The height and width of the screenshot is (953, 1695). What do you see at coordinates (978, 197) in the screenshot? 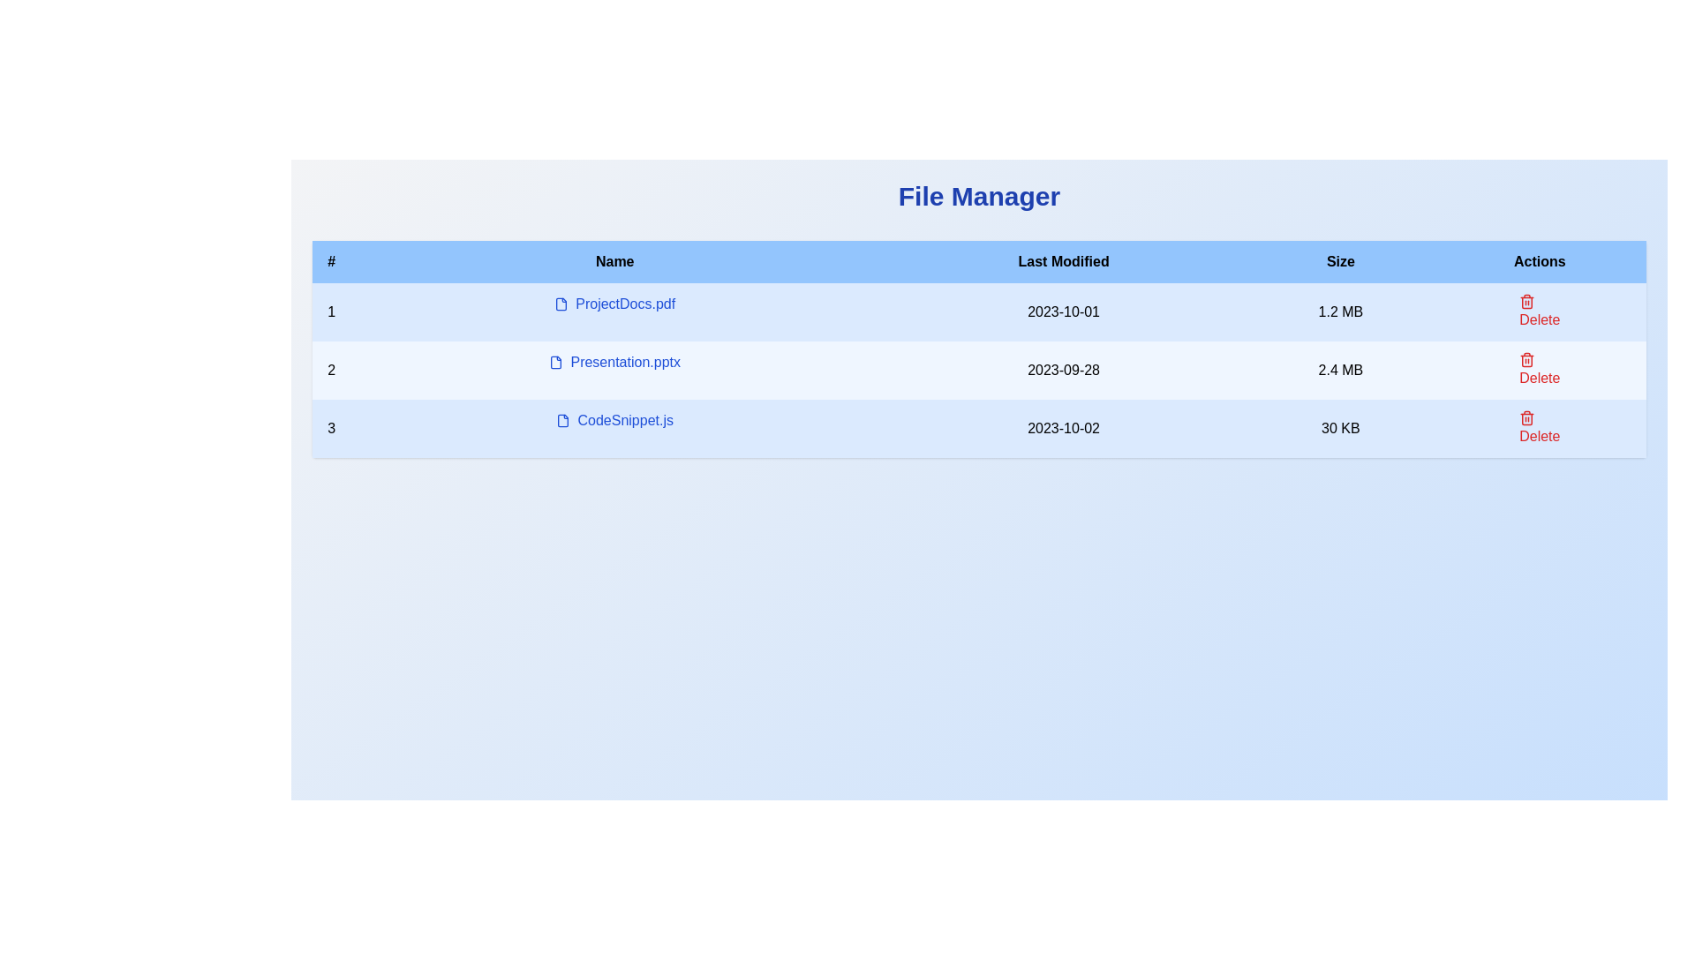
I see `the Text Label that serves as the title or heading of the current page, located at the top of the content section above the table displaying files` at bounding box center [978, 197].